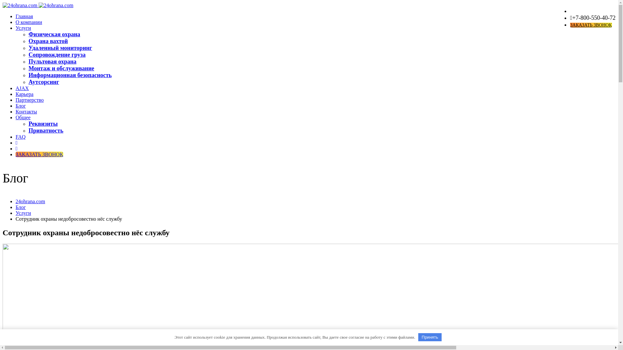 The image size is (623, 350). I want to click on 'WhatsApp', so click(16, 148).